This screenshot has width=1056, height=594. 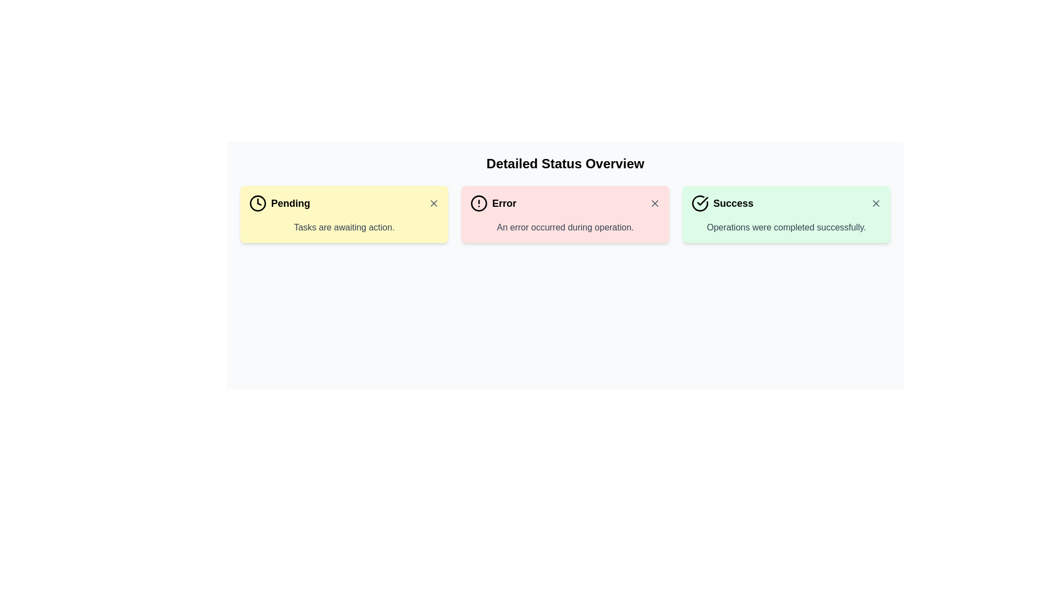 I want to click on the label with a clock icon and the bold text 'Pending', which is located in the leftmost position of three horizontally aligned alert boxes, so click(x=279, y=204).